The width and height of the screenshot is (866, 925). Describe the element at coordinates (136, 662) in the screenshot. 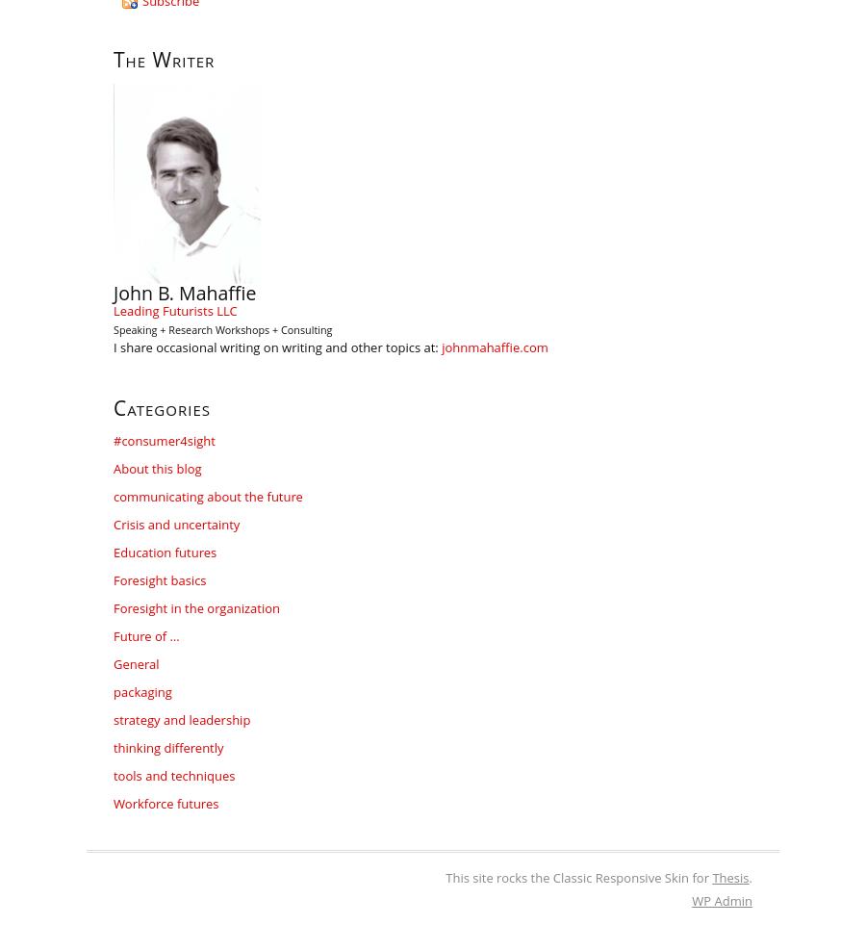

I see `'General'` at that location.